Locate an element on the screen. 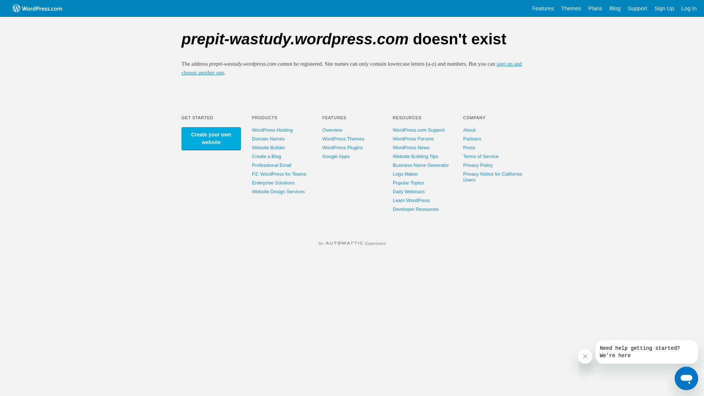 This screenshot has width=704, height=396. 'Website Design Services' is located at coordinates (278, 191).